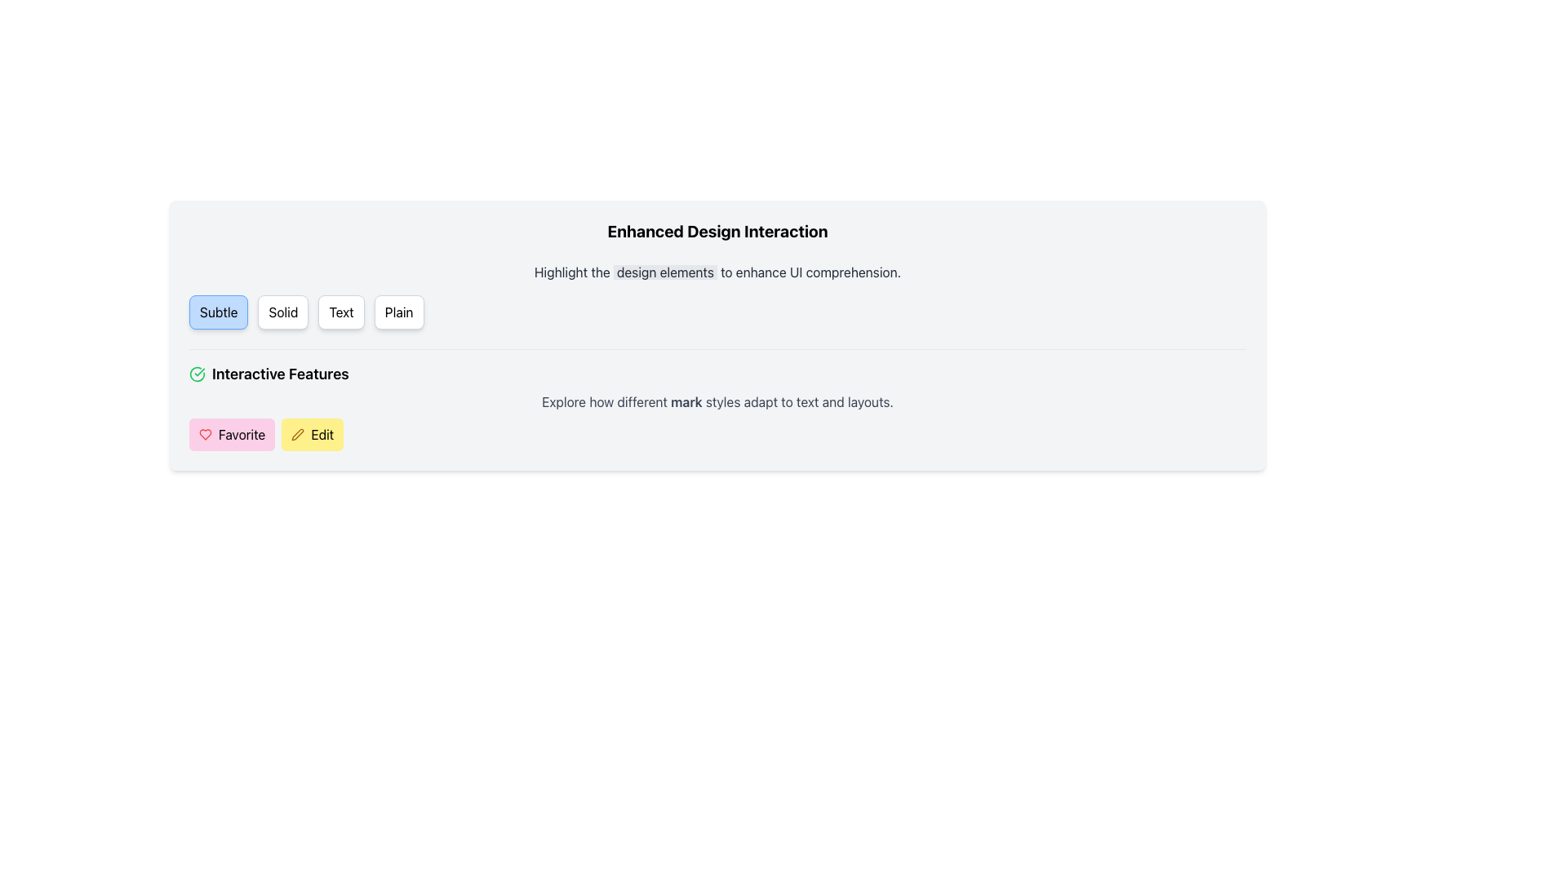  I want to click on the third button labeled 'Text' in the row of four buttons, which is located beneath a heading for design interaction features, so click(340, 312).